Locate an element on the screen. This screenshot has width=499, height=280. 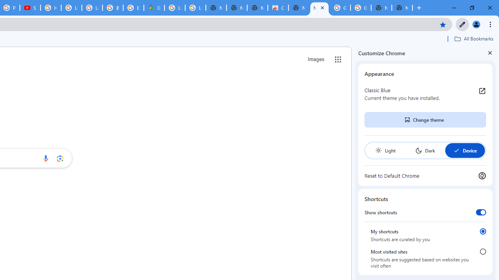
'Chrome Web Store' is located at coordinates (278, 8).